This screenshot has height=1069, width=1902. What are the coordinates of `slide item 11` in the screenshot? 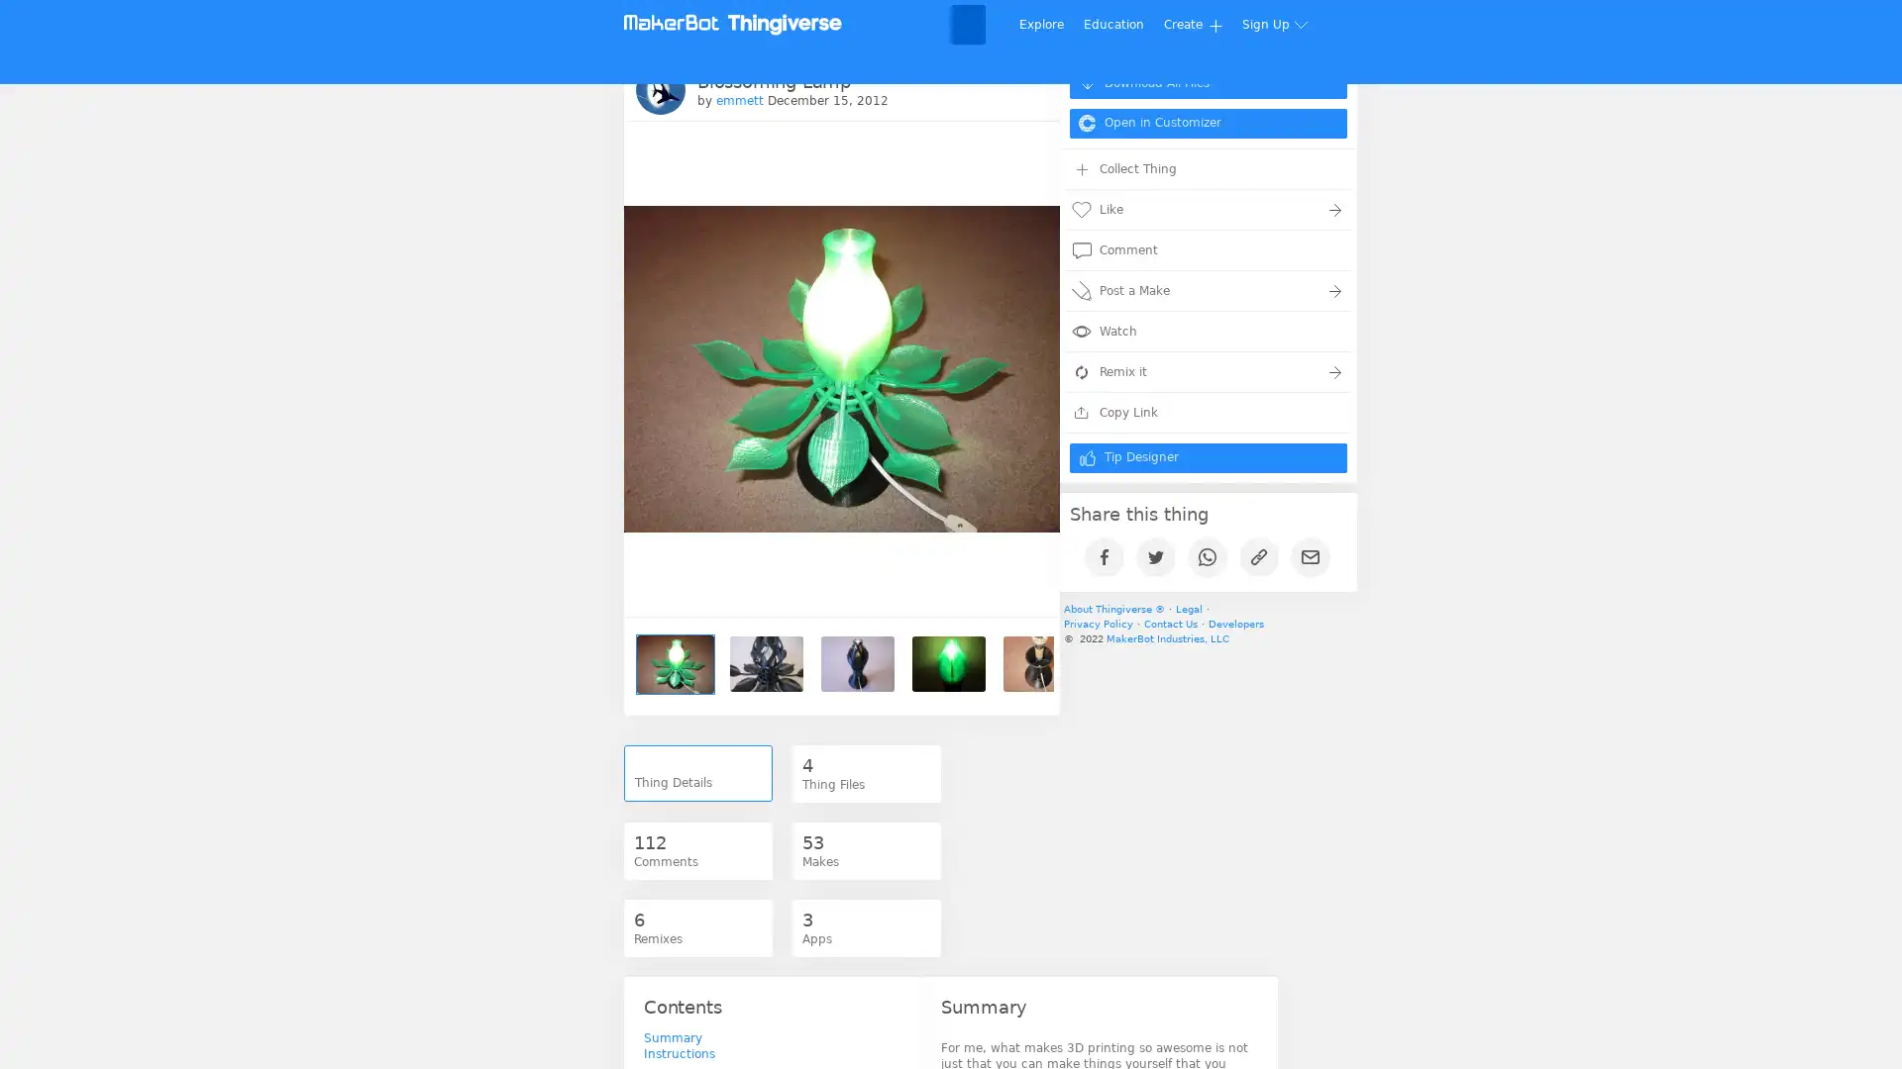 It's located at (1587, 663).